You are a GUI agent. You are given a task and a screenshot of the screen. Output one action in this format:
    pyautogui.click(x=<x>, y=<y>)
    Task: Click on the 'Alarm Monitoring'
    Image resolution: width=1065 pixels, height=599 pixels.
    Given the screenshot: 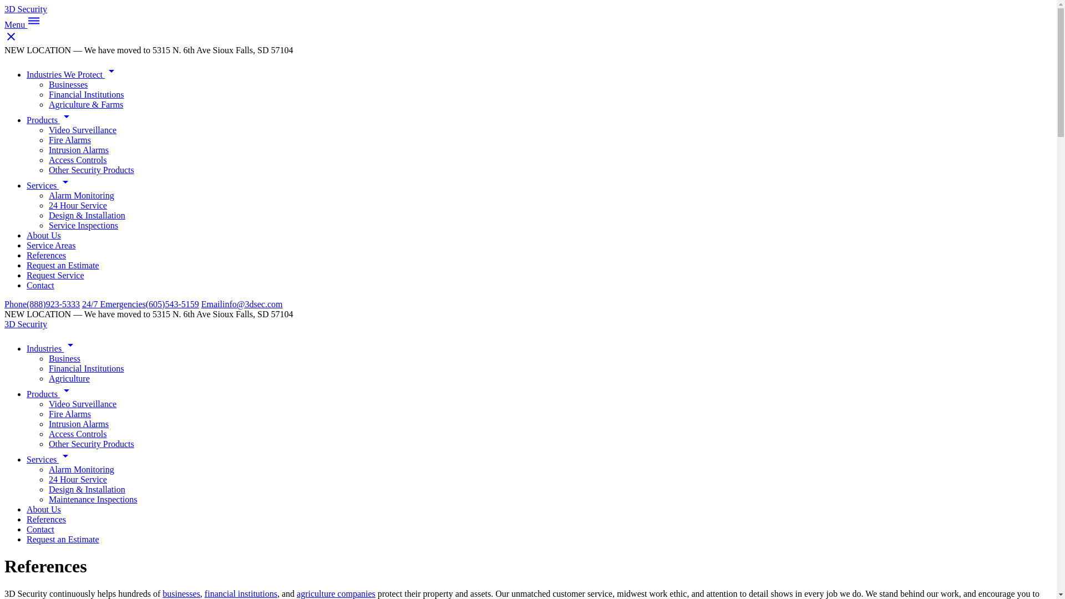 What is the action you would take?
    pyautogui.click(x=81, y=469)
    